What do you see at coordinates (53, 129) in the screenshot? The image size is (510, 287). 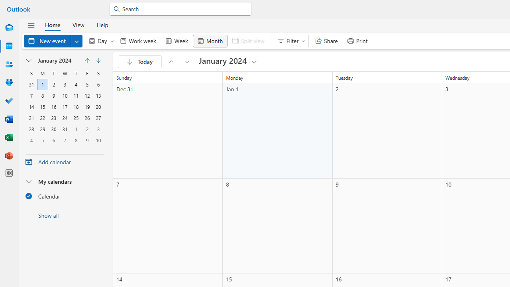 I see `'30, January, 2024'` at bounding box center [53, 129].